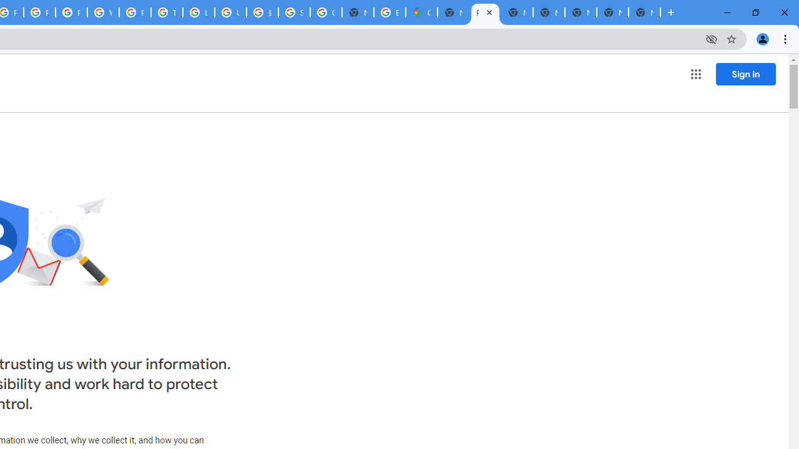 This screenshot has width=799, height=449. What do you see at coordinates (421, 12) in the screenshot?
I see `'Google Maps'` at bounding box center [421, 12].